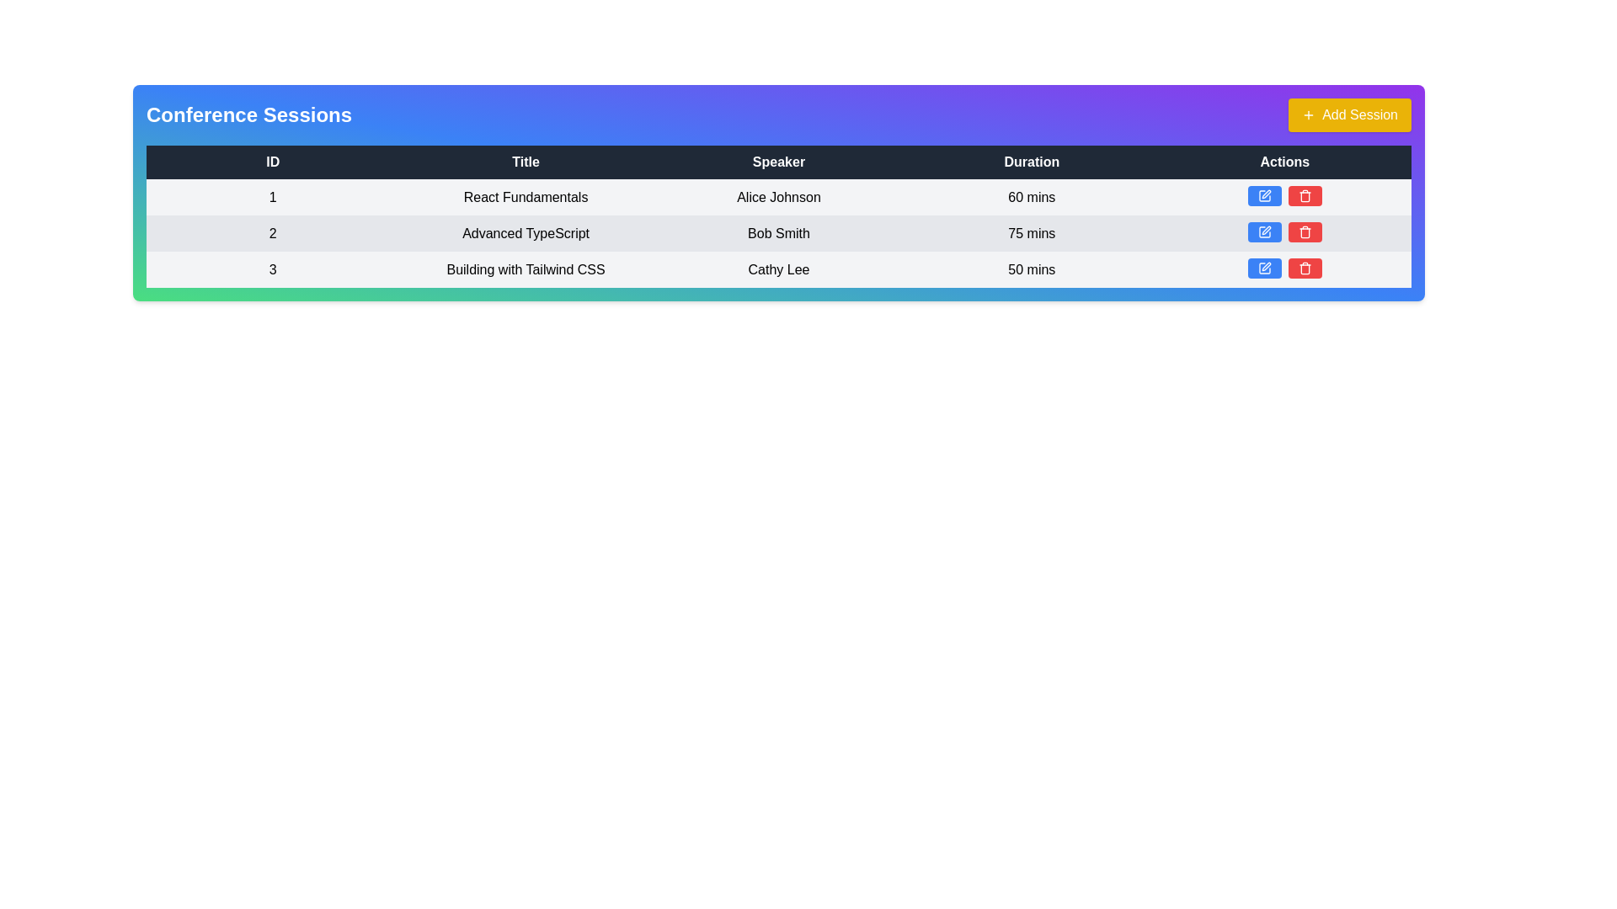  Describe the element at coordinates (1304, 194) in the screenshot. I see `the small rectangular button with a red background and a white trash can icon, located in the 'Actions' column of the table` at that location.